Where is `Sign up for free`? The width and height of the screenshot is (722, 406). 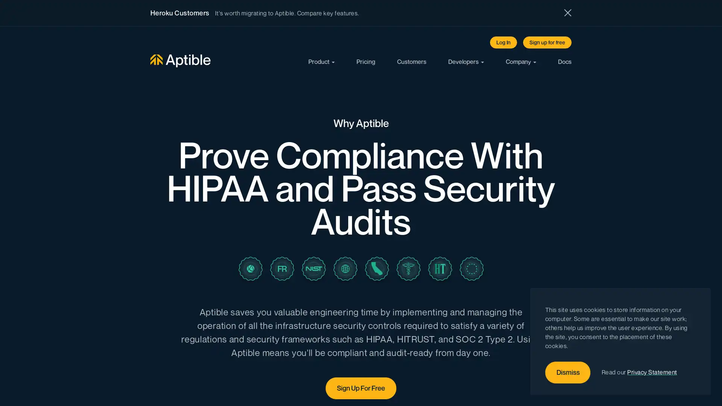 Sign up for free is located at coordinates (547, 42).